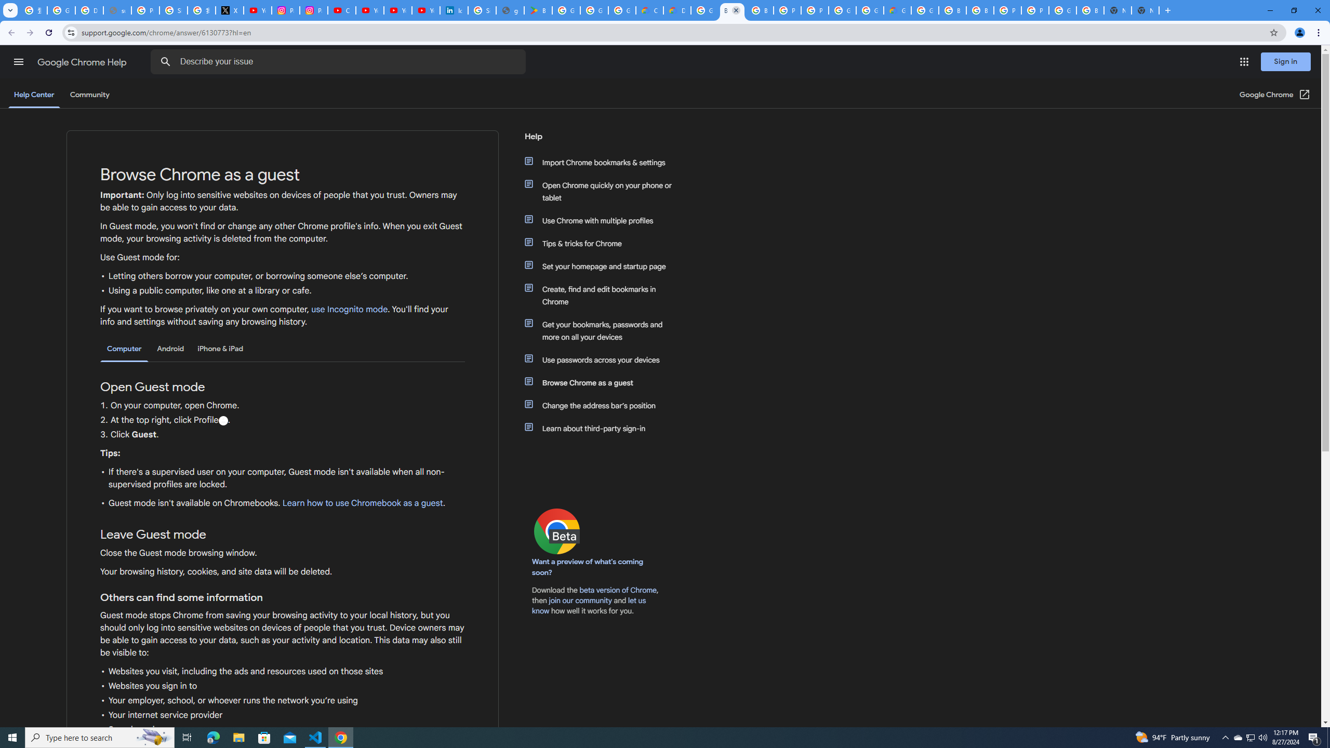 The width and height of the screenshot is (1330, 748). What do you see at coordinates (362, 503) in the screenshot?
I see `'Learn how to use Chromebook as a guest'` at bounding box center [362, 503].